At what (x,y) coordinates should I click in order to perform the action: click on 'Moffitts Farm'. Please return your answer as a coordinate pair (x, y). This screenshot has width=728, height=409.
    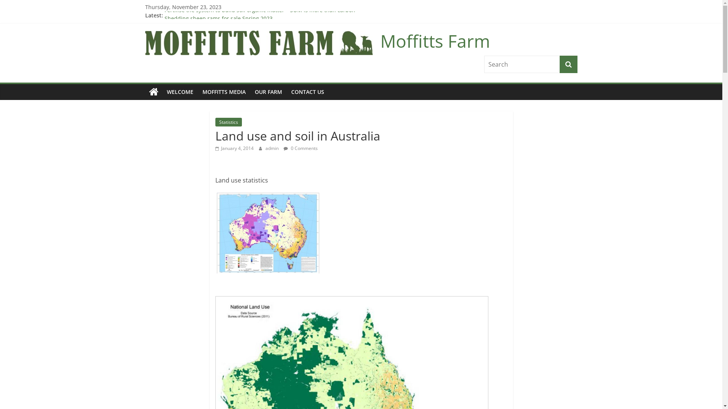
    Looking at the image, I should click on (145, 92).